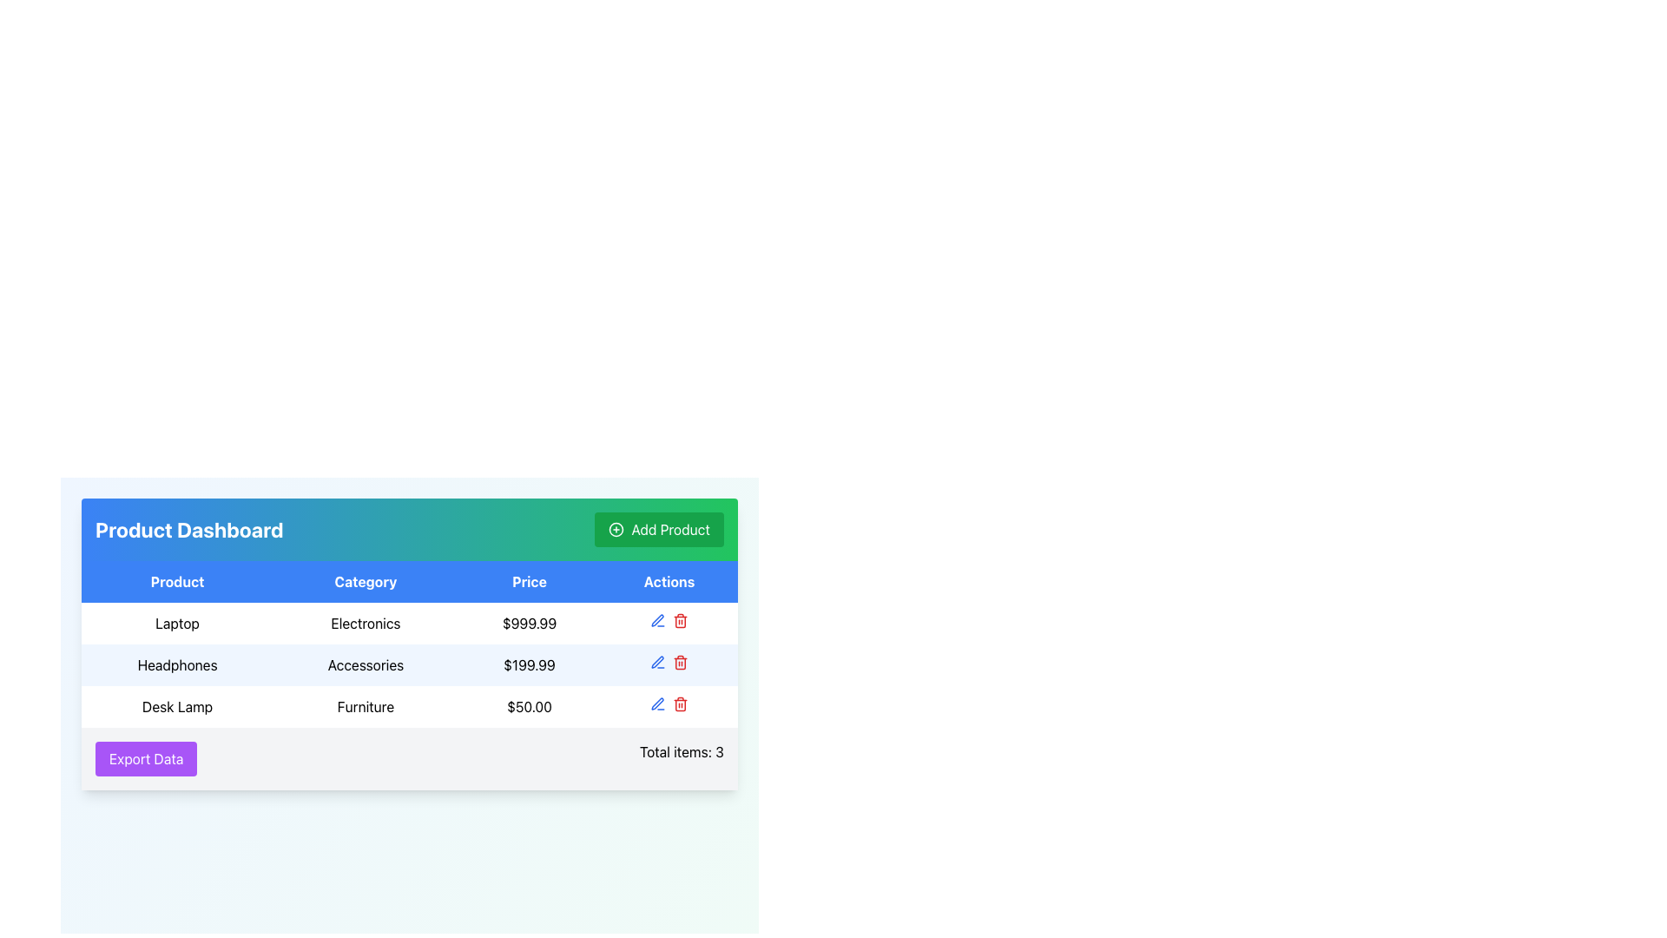 The image size is (1667, 938). Describe the element at coordinates (669, 582) in the screenshot. I see `the 'Actions' header cell, which is the fourth header from the left in the table, displaying white text on a blue background` at that location.